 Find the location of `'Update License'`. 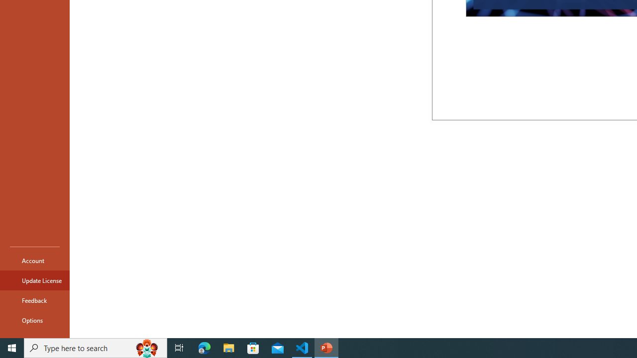

'Update License' is located at coordinates (34, 280).